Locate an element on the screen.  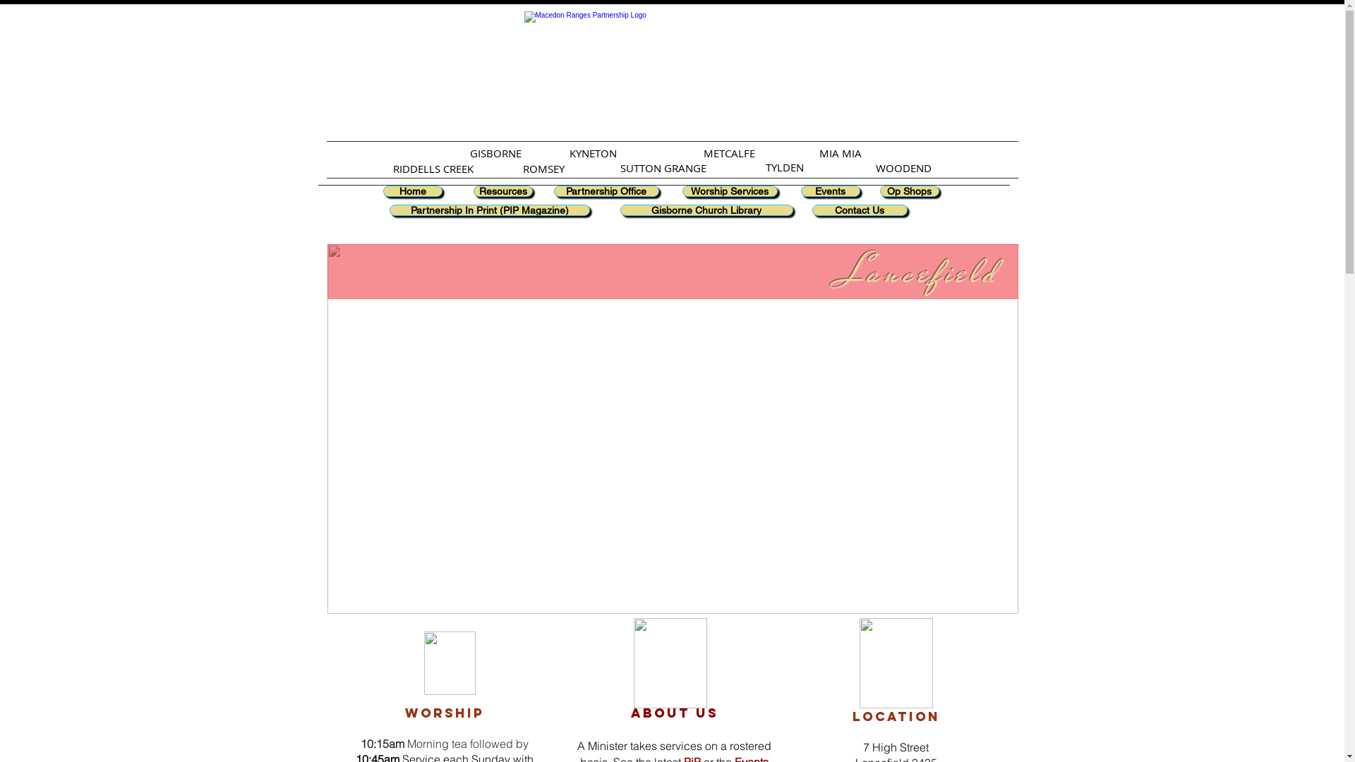
'SUTTON GRANGE' is located at coordinates (663, 167).